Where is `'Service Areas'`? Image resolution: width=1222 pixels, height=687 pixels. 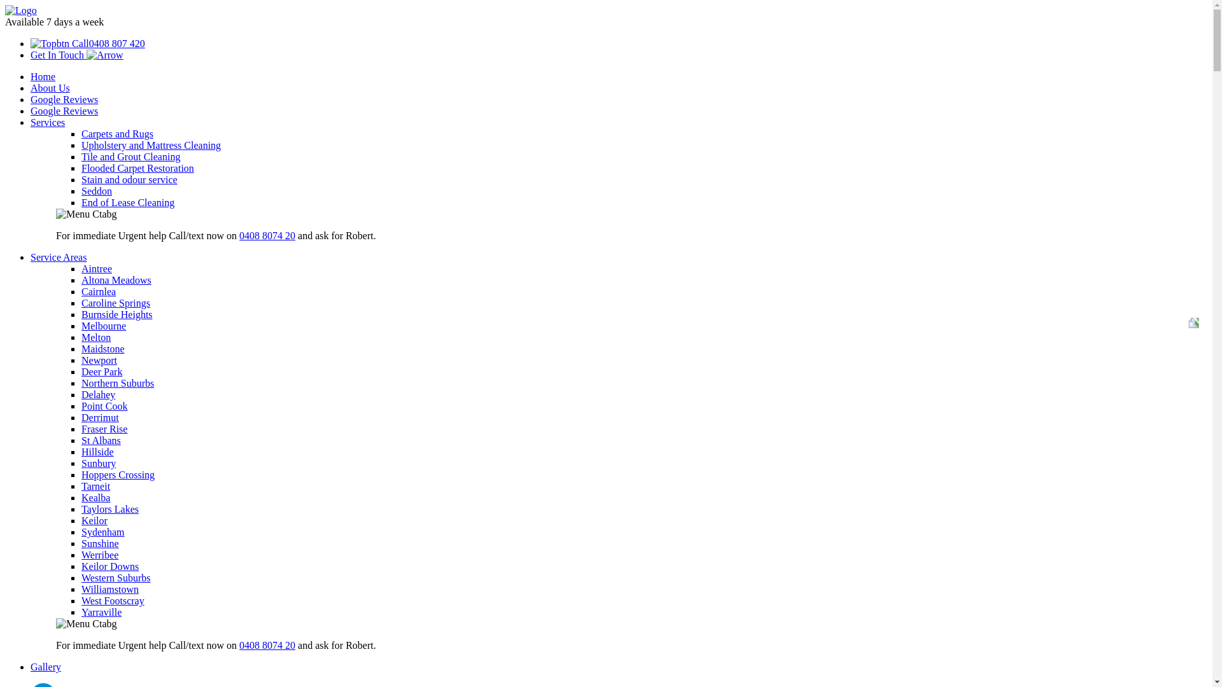
'Service Areas' is located at coordinates (57, 257).